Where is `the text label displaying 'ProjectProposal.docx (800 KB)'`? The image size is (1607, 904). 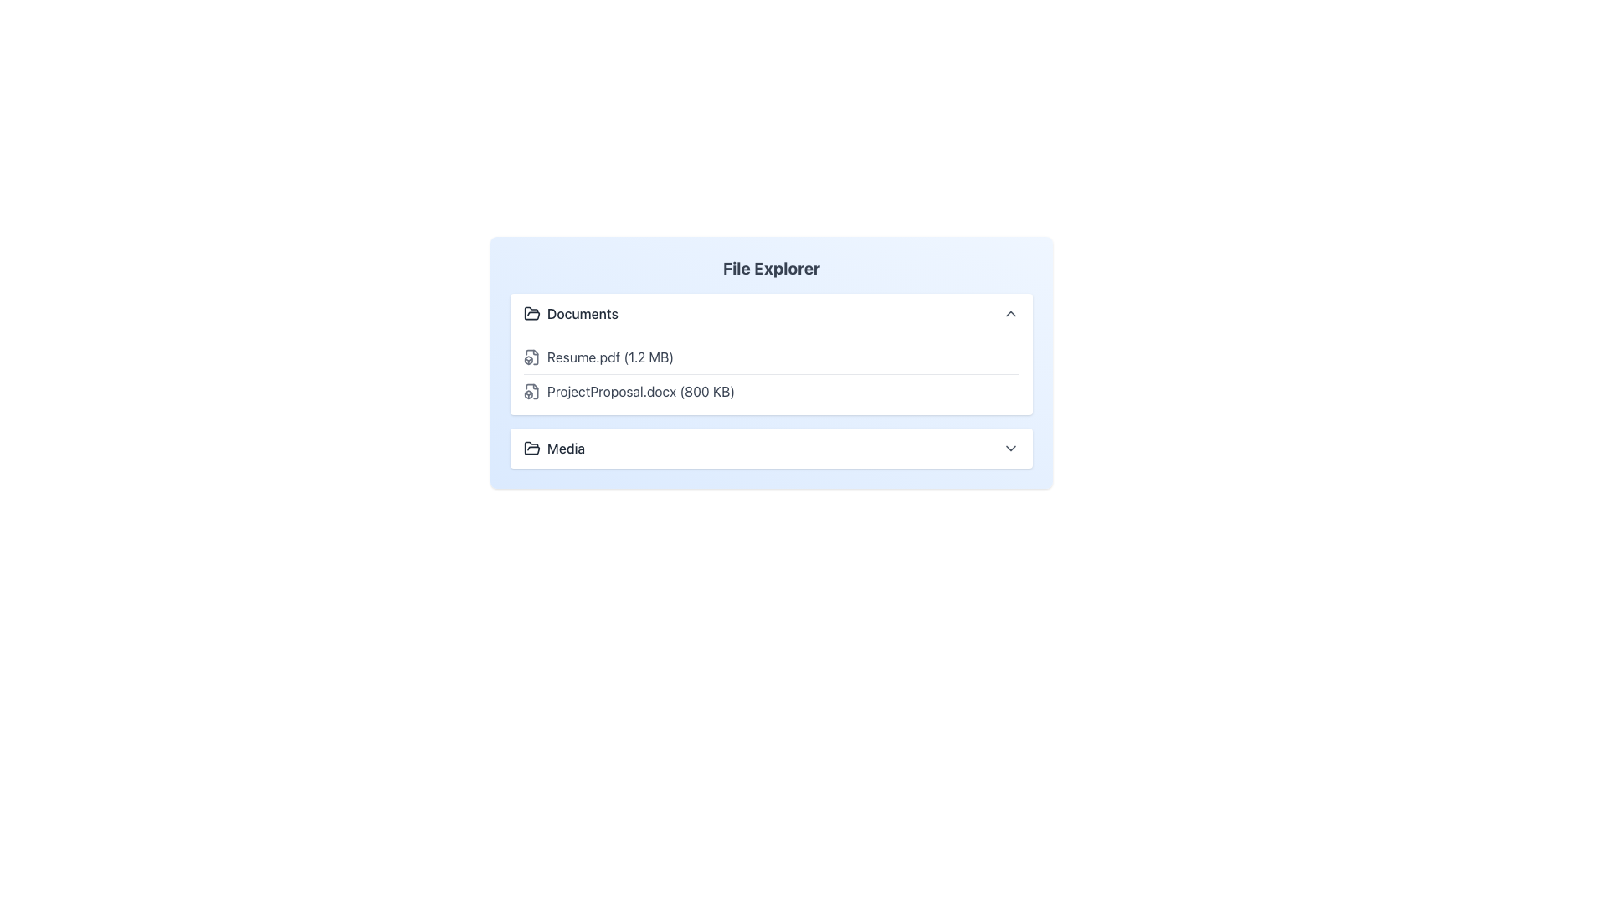
the text label displaying 'ProjectProposal.docx (800 KB)' is located at coordinates (640, 391).